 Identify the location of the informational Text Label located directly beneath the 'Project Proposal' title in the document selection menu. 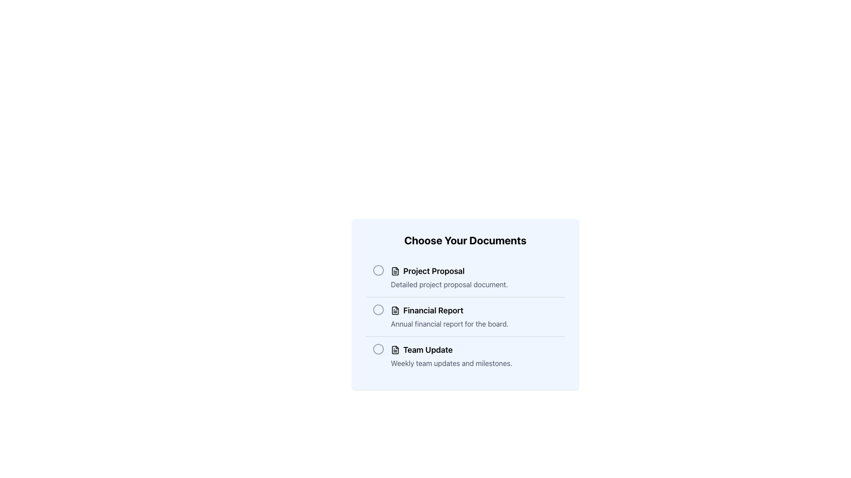
(449, 285).